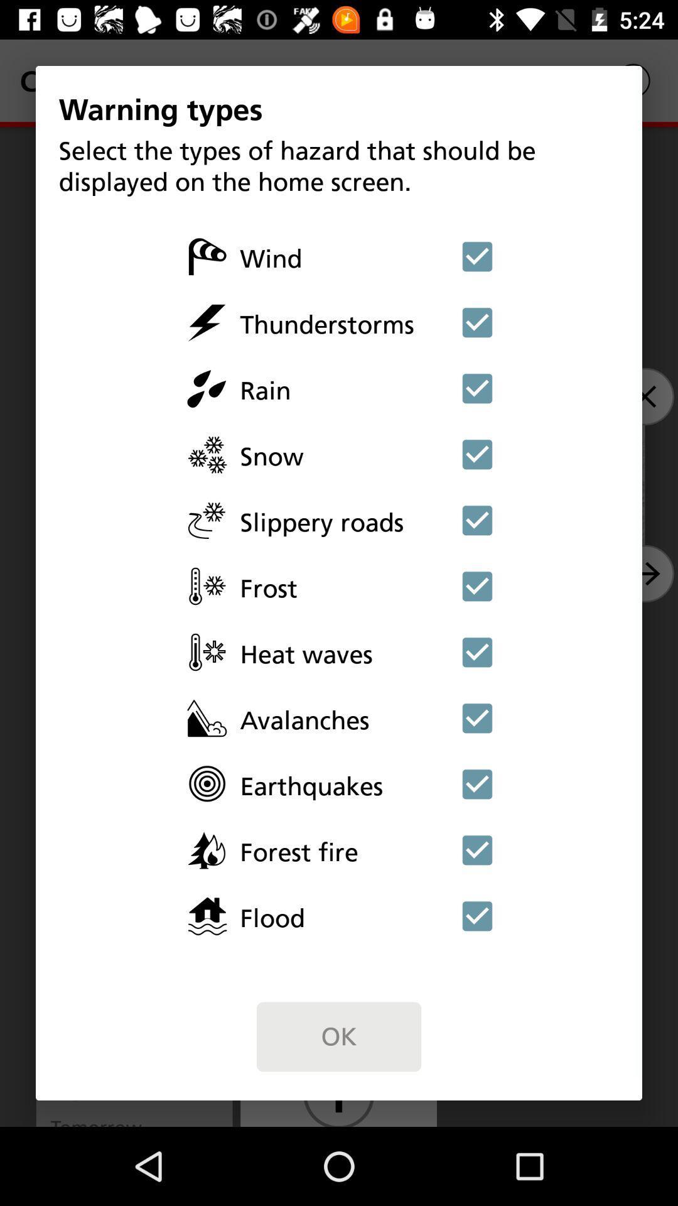 The width and height of the screenshot is (678, 1206). Describe the element at coordinates (477, 652) in the screenshot. I see `heat waves check box` at that location.